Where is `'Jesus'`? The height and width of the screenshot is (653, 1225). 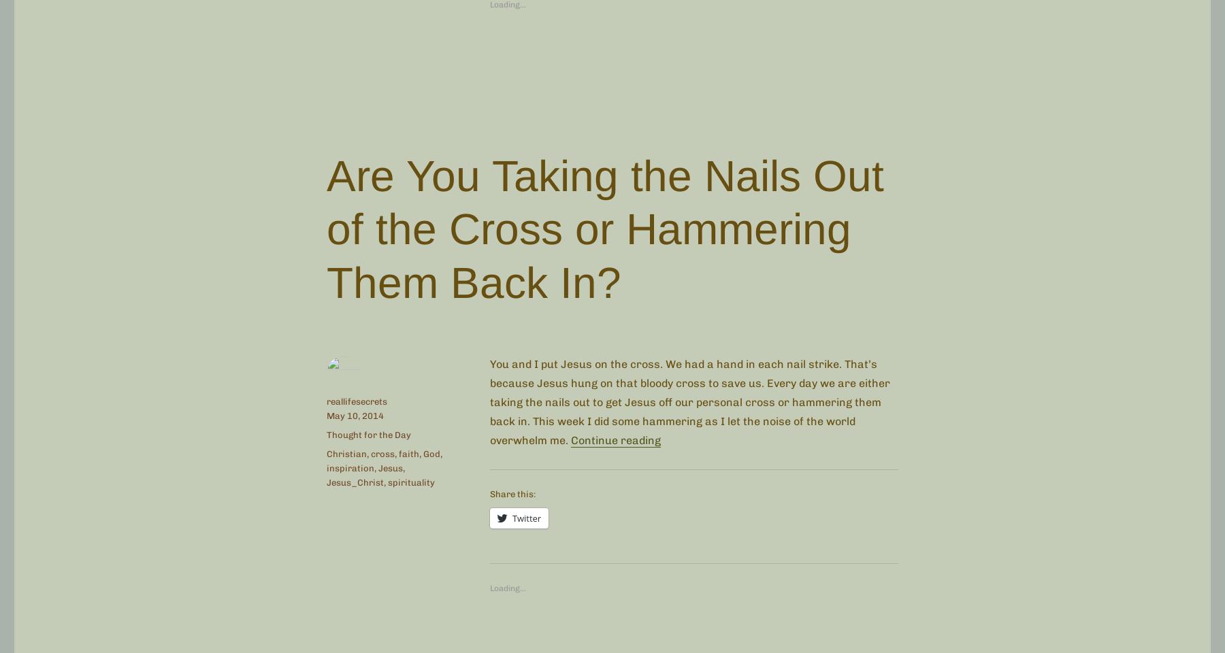
'Jesus' is located at coordinates (391, 468).